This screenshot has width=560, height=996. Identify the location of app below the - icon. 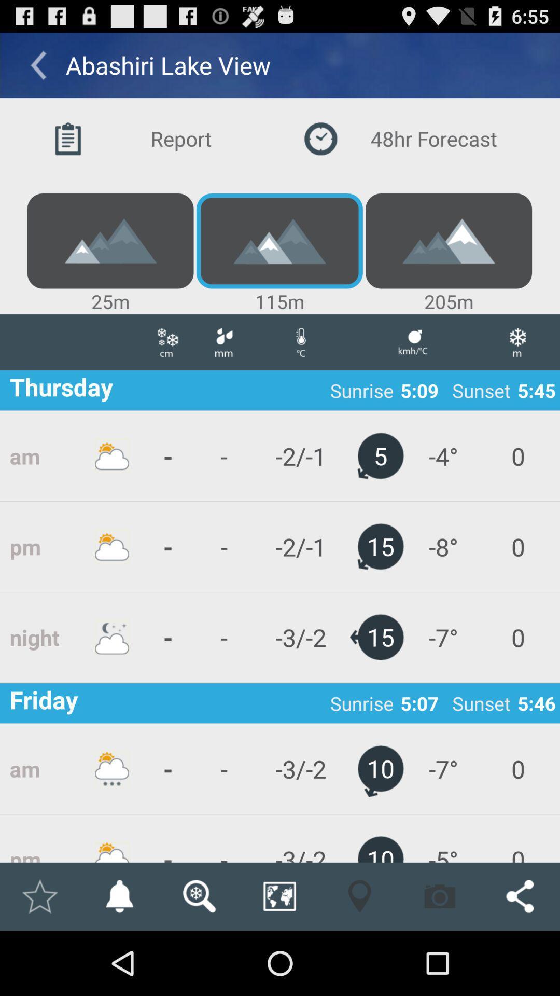
(223, 637).